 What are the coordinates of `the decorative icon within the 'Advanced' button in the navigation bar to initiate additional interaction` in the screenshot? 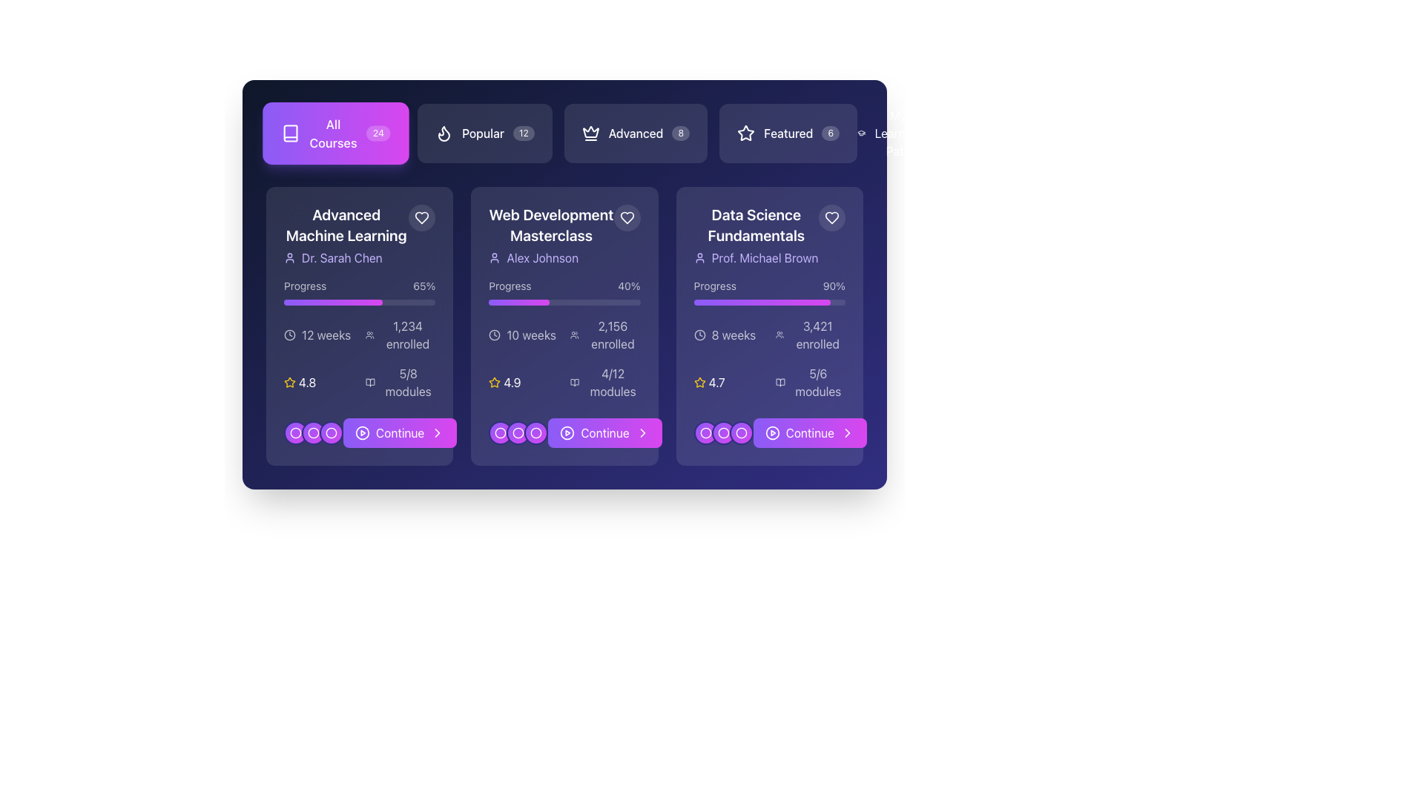 It's located at (590, 131).